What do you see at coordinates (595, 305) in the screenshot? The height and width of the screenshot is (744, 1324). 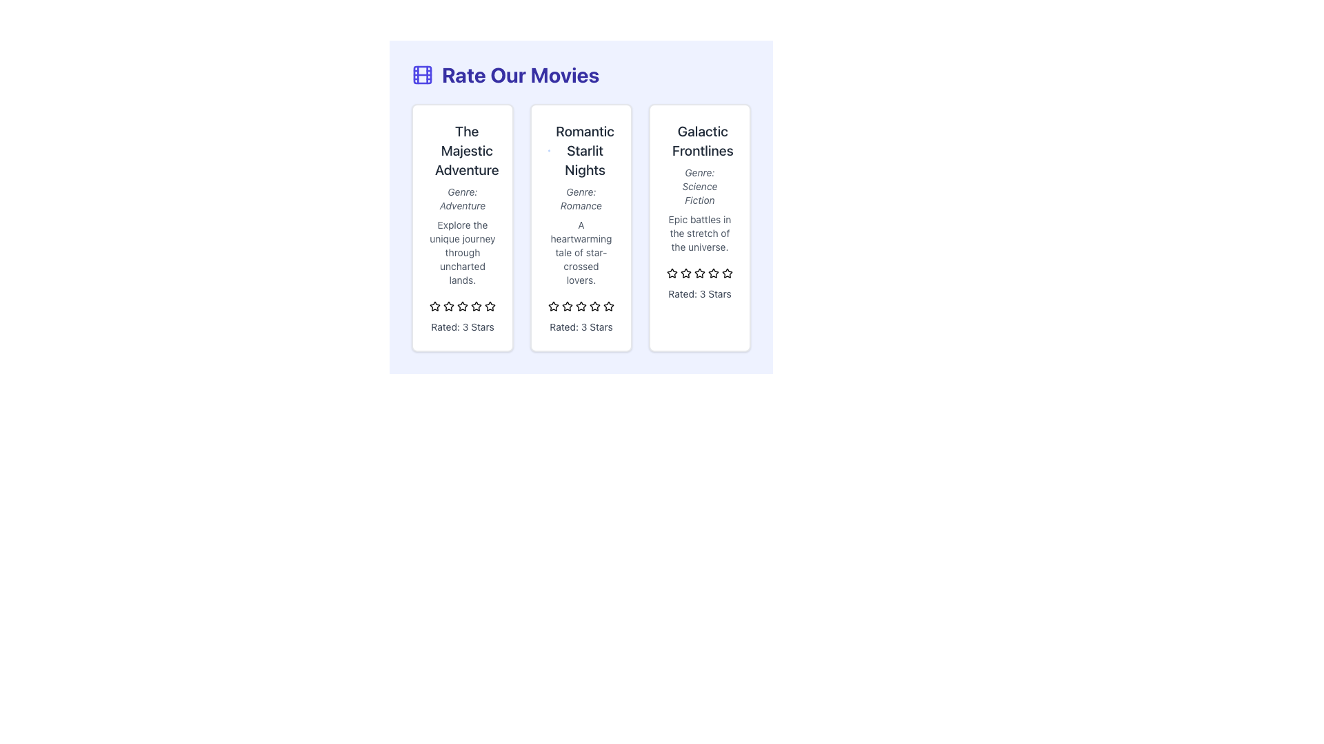 I see `the fourth star icon in the rating row under the card titled 'Romantic Starlit Nights' to rate it` at bounding box center [595, 305].